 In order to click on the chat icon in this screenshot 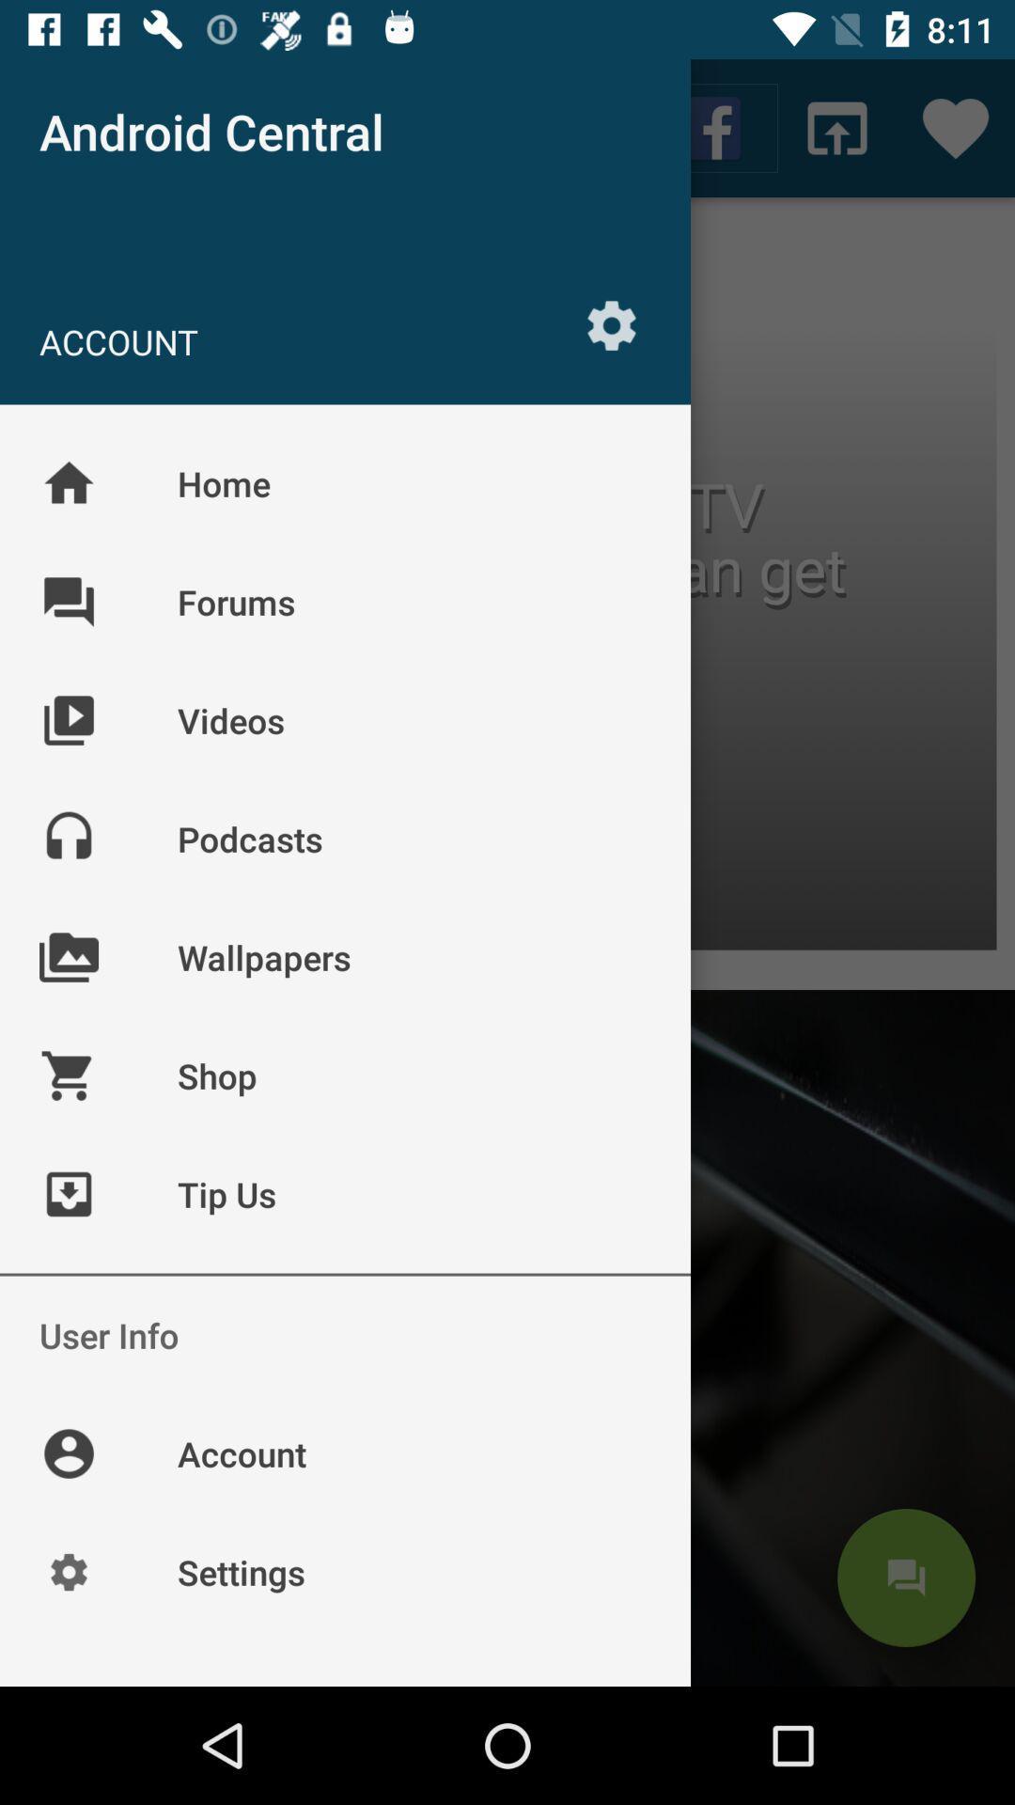, I will do `click(905, 1577)`.